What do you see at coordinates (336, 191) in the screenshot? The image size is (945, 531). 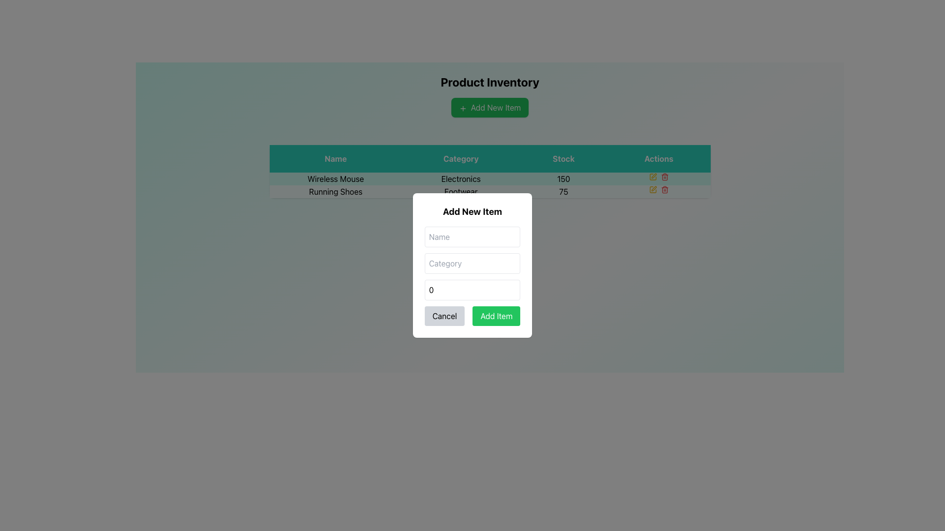 I see `the label that identifies the item in the product inventory table, located in the second row under the 'Name' column, directly below 'Wireless Mouse'` at bounding box center [336, 191].